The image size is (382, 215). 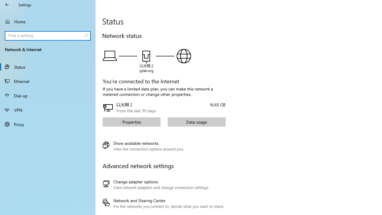 I want to click on 'Search box, Find a setting', so click(x=48, y=36).